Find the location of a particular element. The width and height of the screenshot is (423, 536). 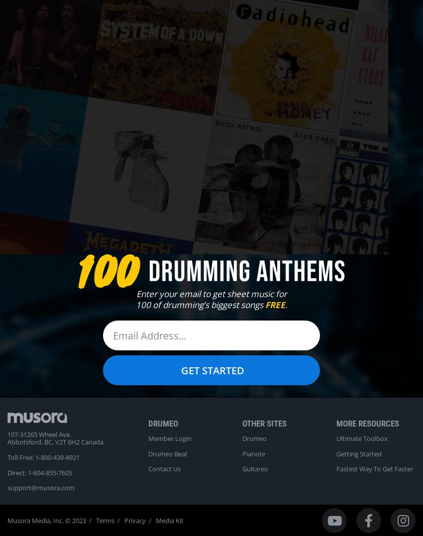

'Terms' is located at coordinates (105, 520).